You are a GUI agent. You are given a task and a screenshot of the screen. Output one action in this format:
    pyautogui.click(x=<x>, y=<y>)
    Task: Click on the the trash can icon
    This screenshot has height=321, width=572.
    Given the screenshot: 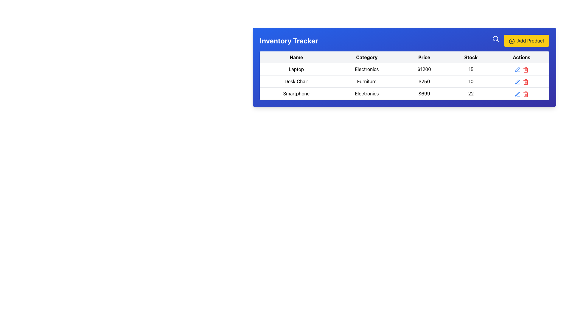 What is the action you would take?
    pyautogui.click(x=526, y=69)
    